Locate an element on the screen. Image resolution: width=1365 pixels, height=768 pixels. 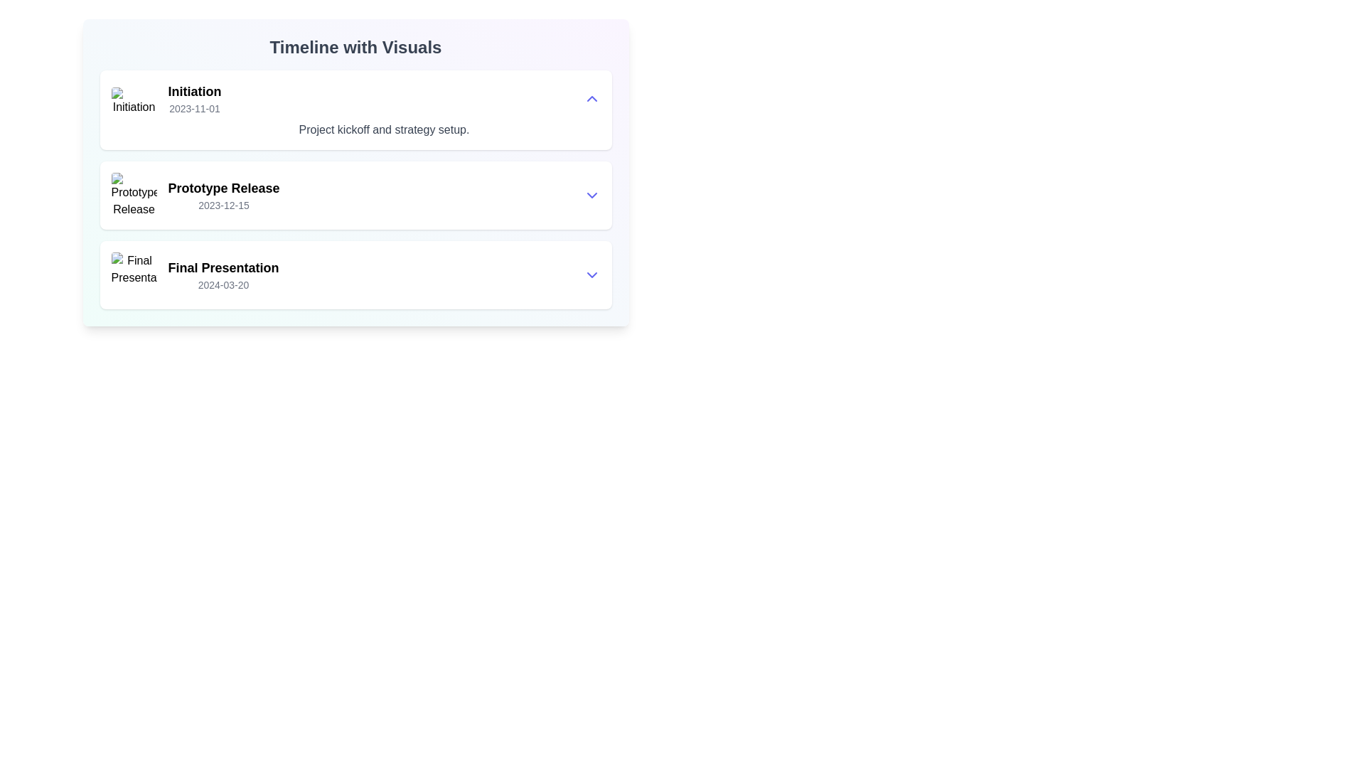
the 'Final Presentation' timeline card, which is the third entry is located at coordinates (355, 274).